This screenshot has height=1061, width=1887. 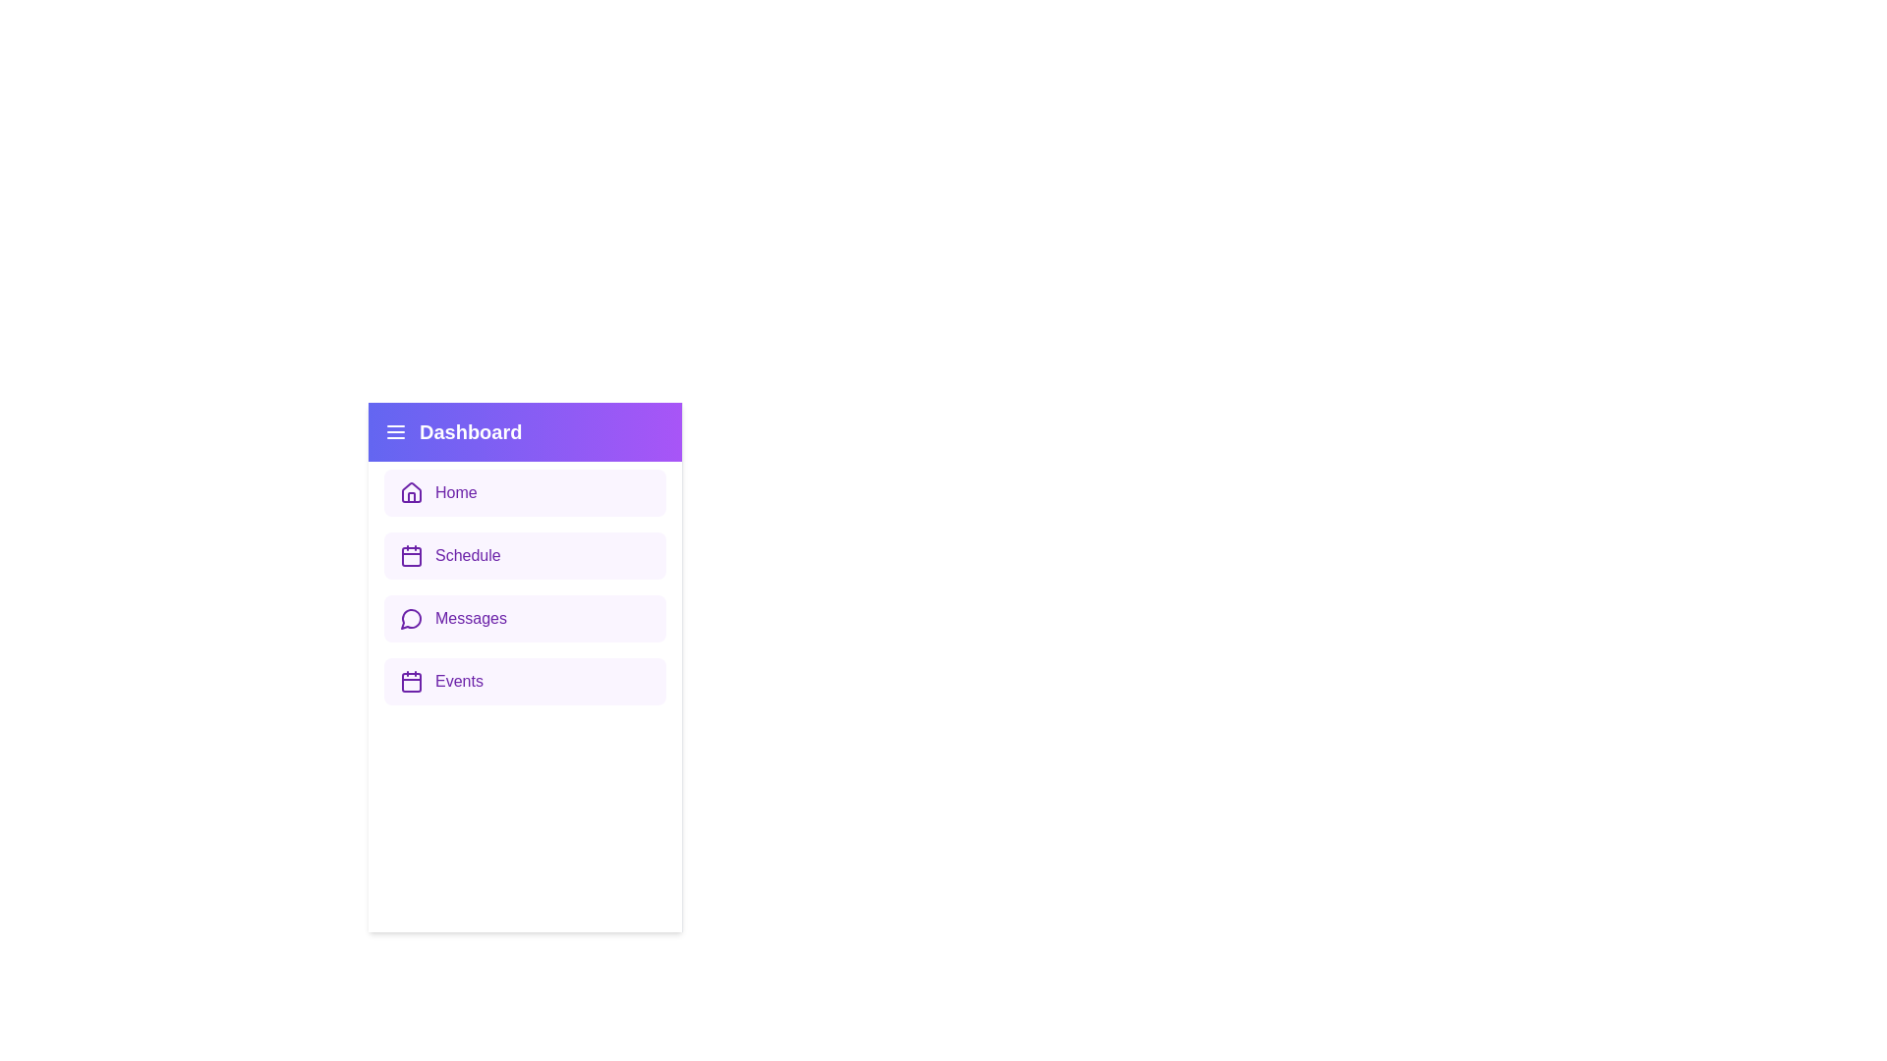 What do you see at coordinates (525, 430) in the screenshot?
I see `the Dashboard section of the sidebar to inspect its layout and design` at bounding box center [525, 430].